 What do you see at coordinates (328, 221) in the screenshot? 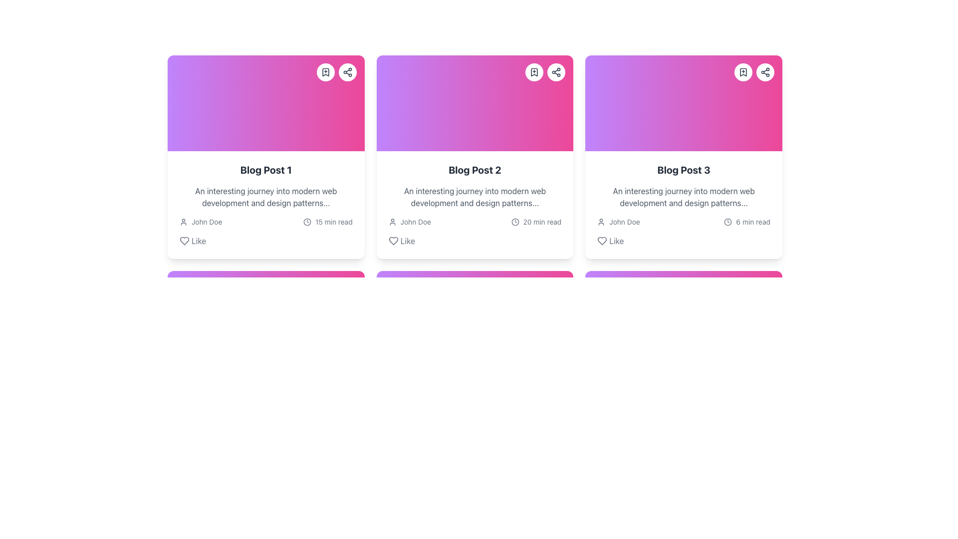
I see `the Informational Label element that displays a clock icon and the text '15 min read', located at the bottom-right corner of the first card in the bottom section` at bounding box center [328, 221].